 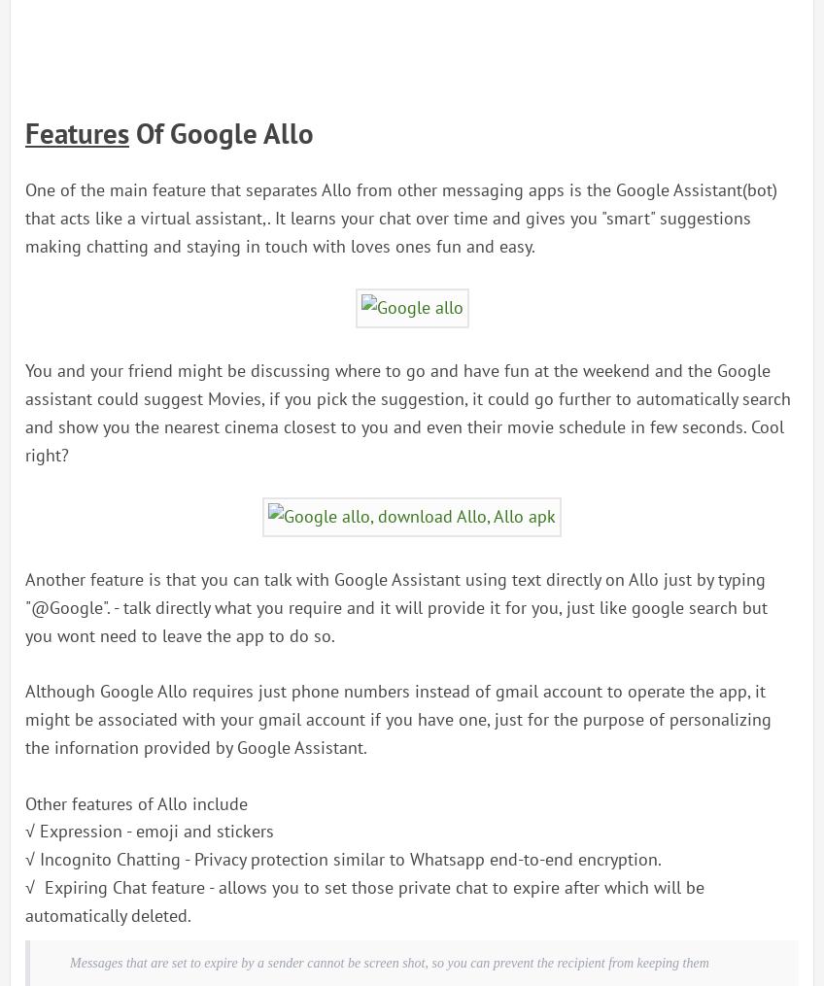 I want to click on '√ Incognito Chatting - Privacy protection similar to Whatsapp end-to-end encryption.', so click(x=342, y=858).